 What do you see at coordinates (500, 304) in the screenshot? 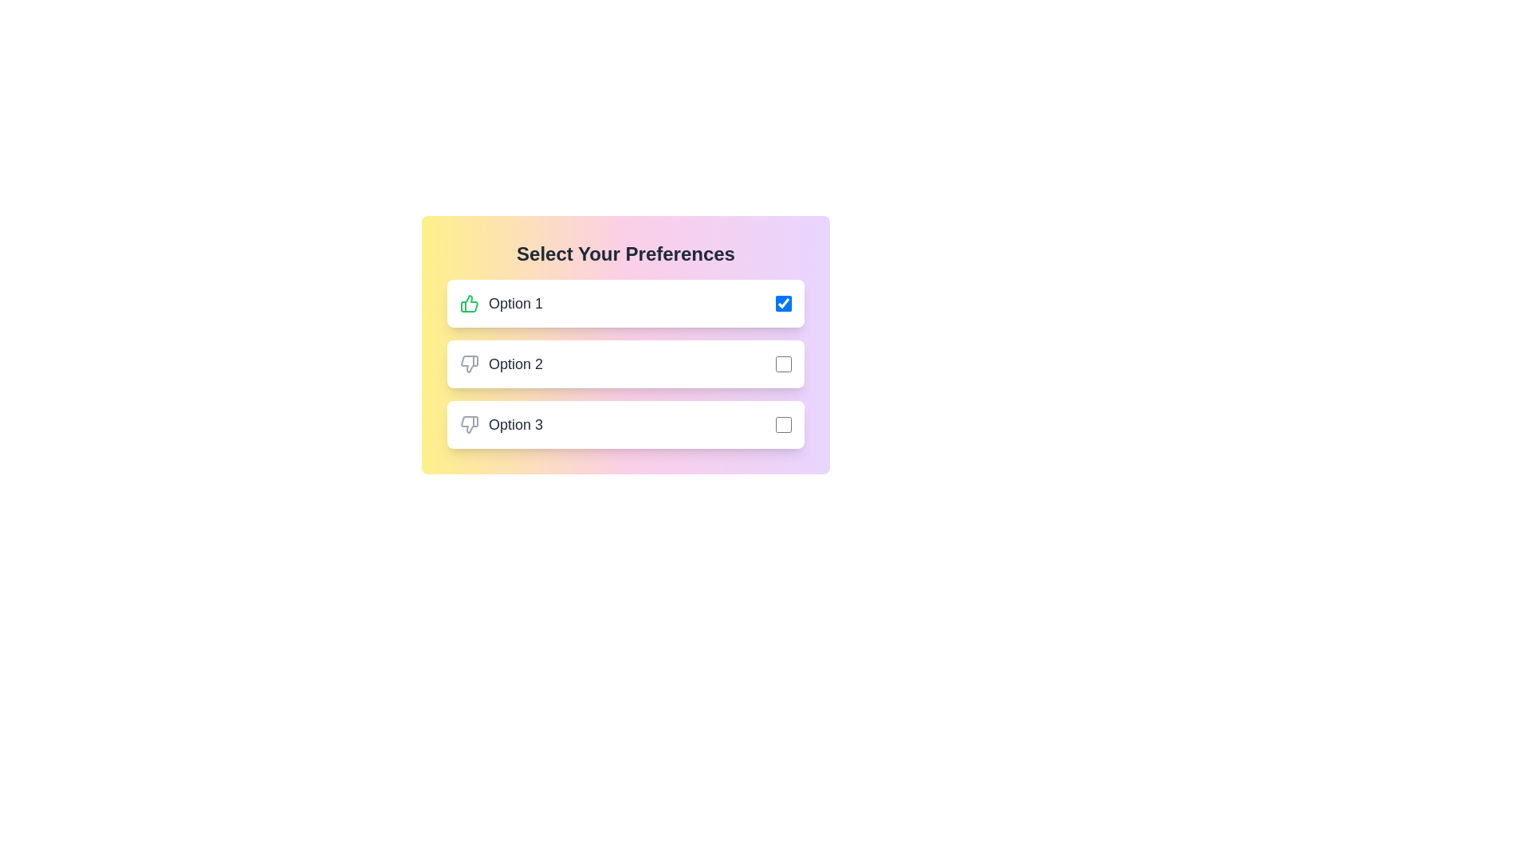
I see `the first list item containing a green thumbs-up icon and the label text 'Option 1' styled with a medium gray font` at bounding box center [500, 304].